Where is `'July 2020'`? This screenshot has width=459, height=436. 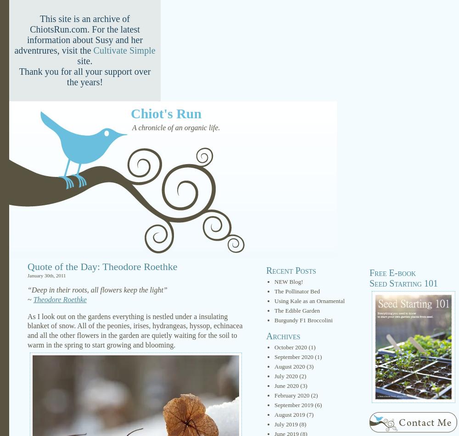 'July 2020' is located at coordinates (285, 375).